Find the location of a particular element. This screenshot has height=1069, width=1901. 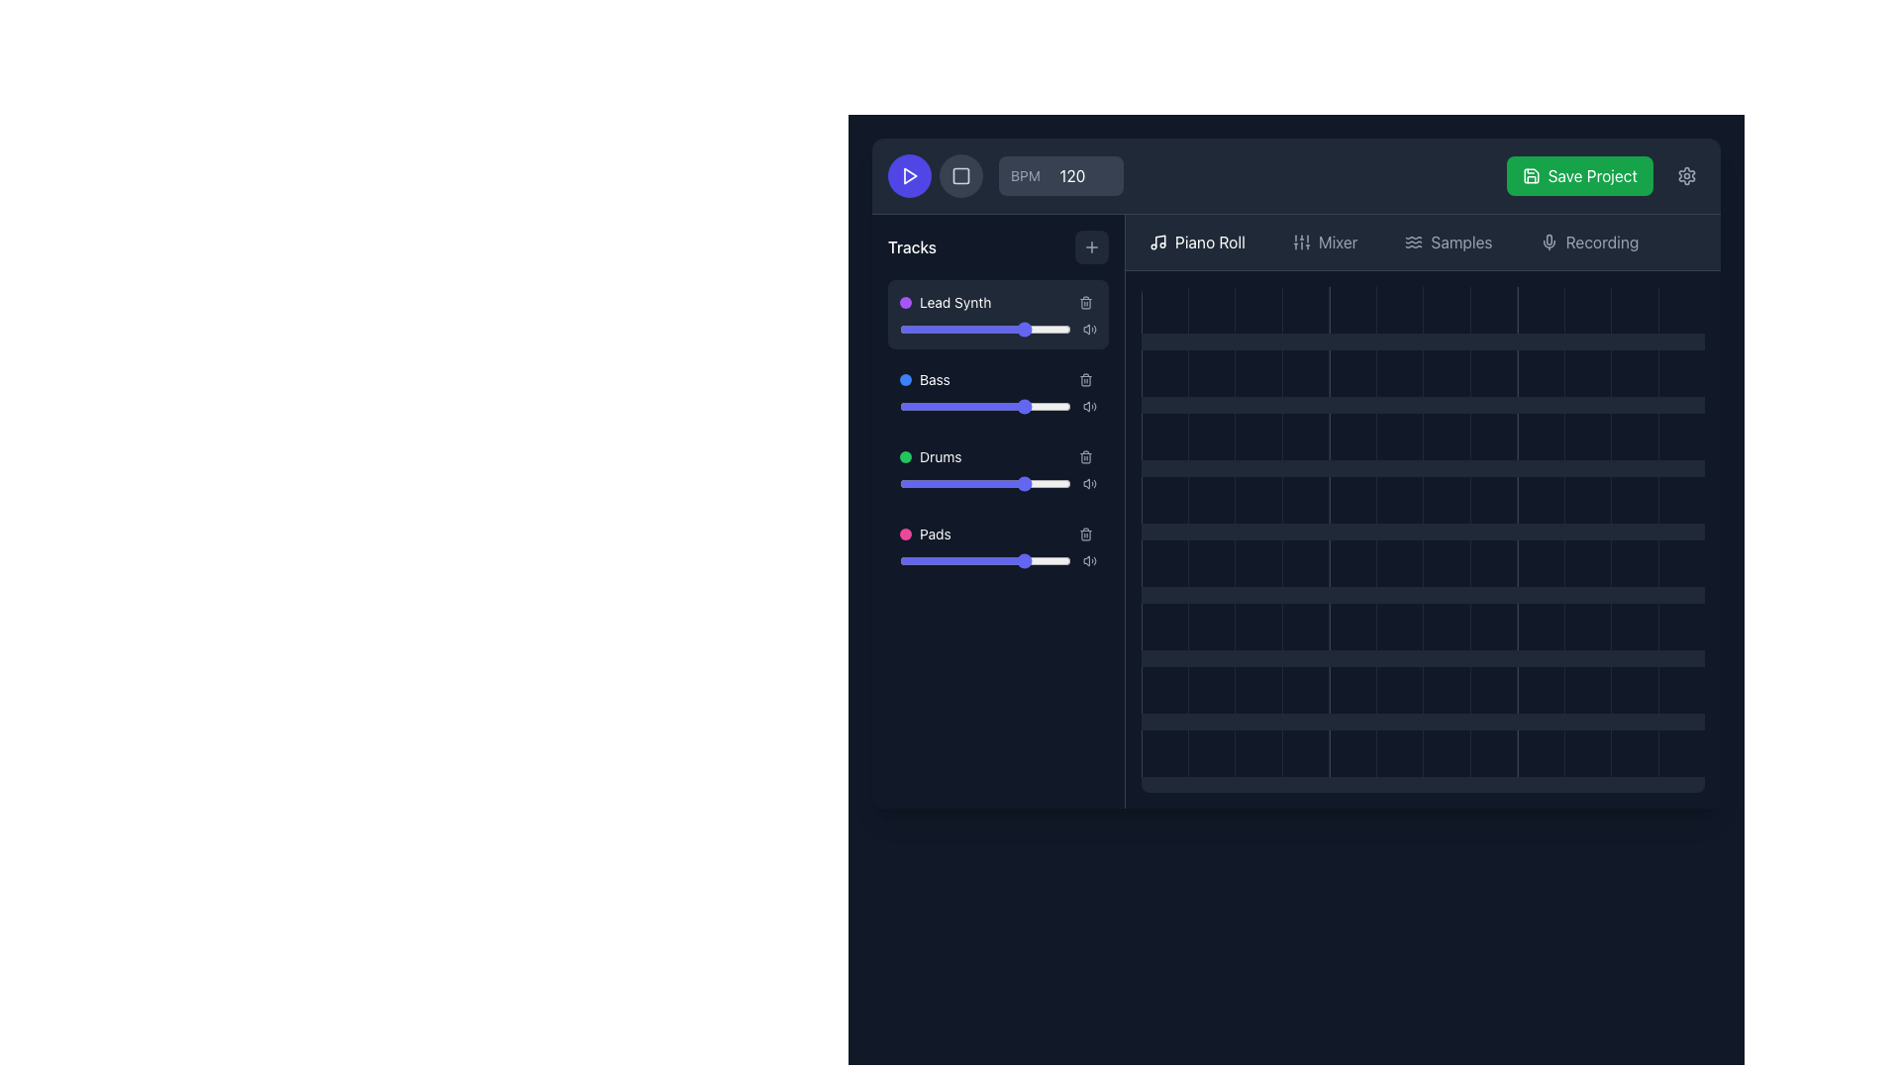

the bass level is located at coordinates (976, 406).